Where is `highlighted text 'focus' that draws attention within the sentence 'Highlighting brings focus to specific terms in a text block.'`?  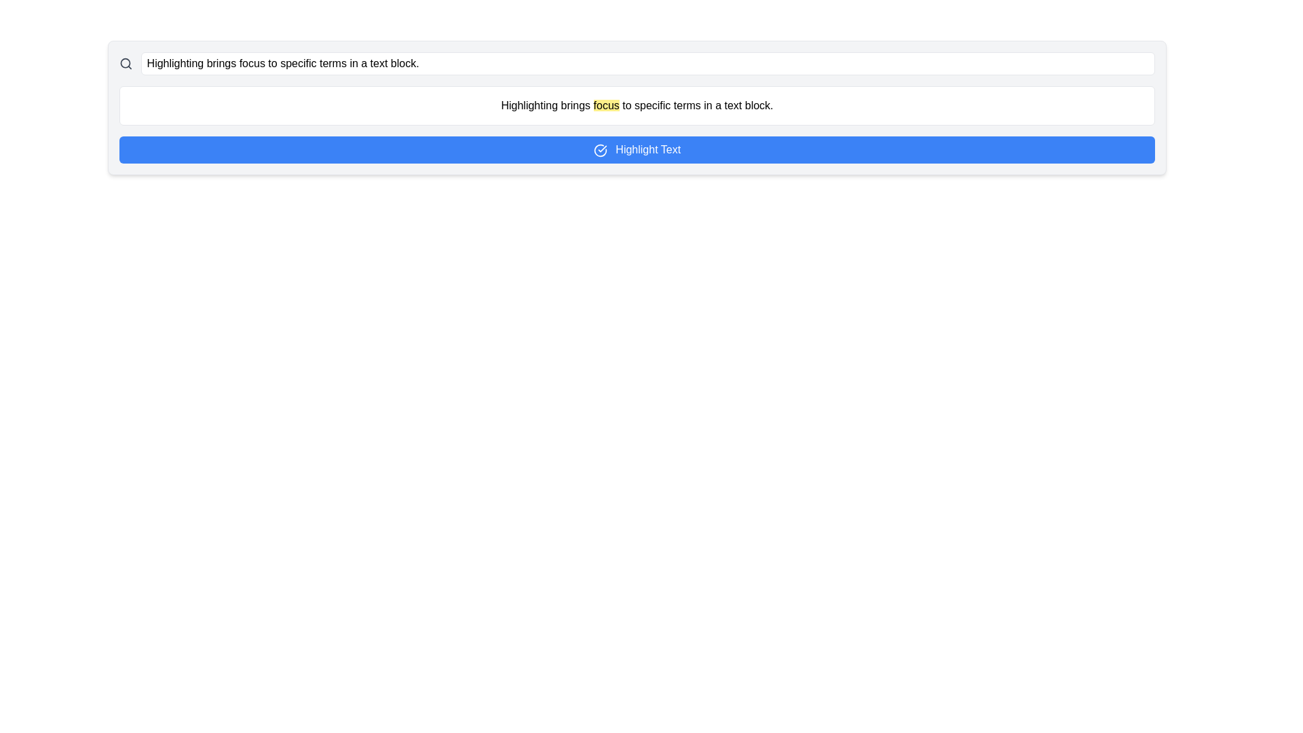
highlighted text 'focus' that draws attention within the sentence 'Highlighting brings focus to specific terms in a text block.' is located at coordinates (605, 105).